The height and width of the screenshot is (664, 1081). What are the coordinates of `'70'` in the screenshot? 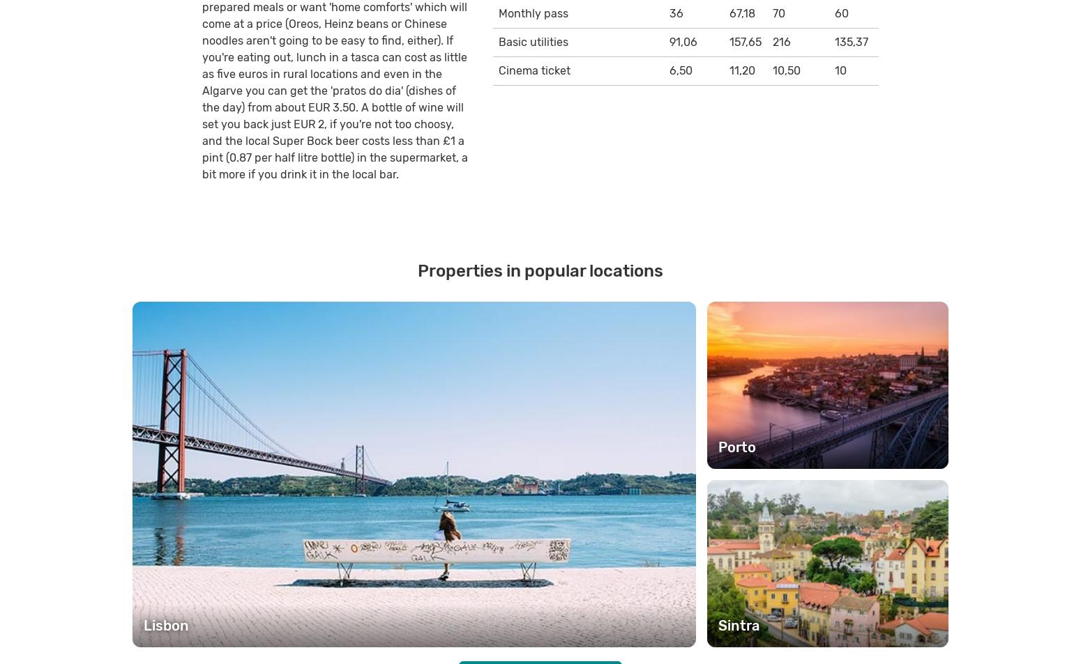 It's located at (778, 12).